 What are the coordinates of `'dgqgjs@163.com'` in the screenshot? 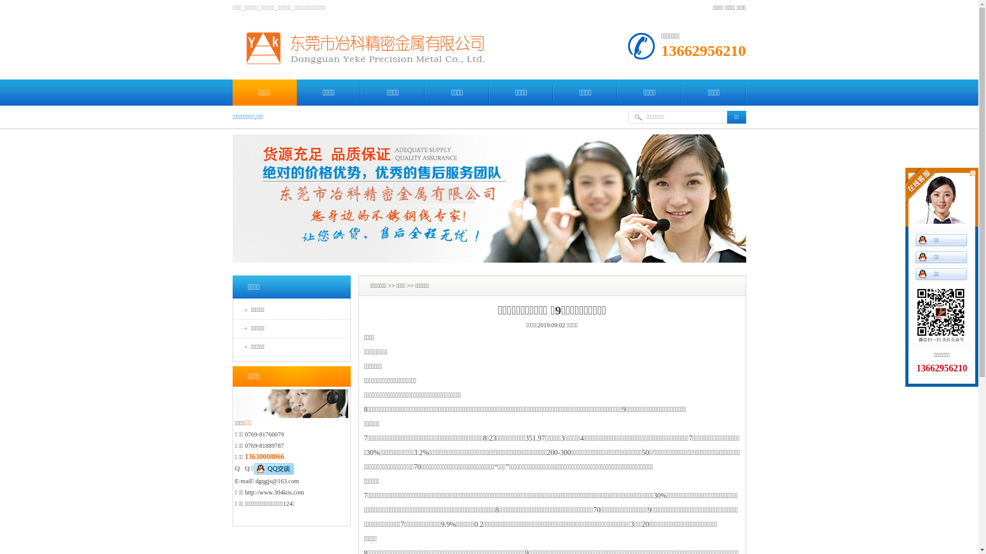 It's located at (277, 481).